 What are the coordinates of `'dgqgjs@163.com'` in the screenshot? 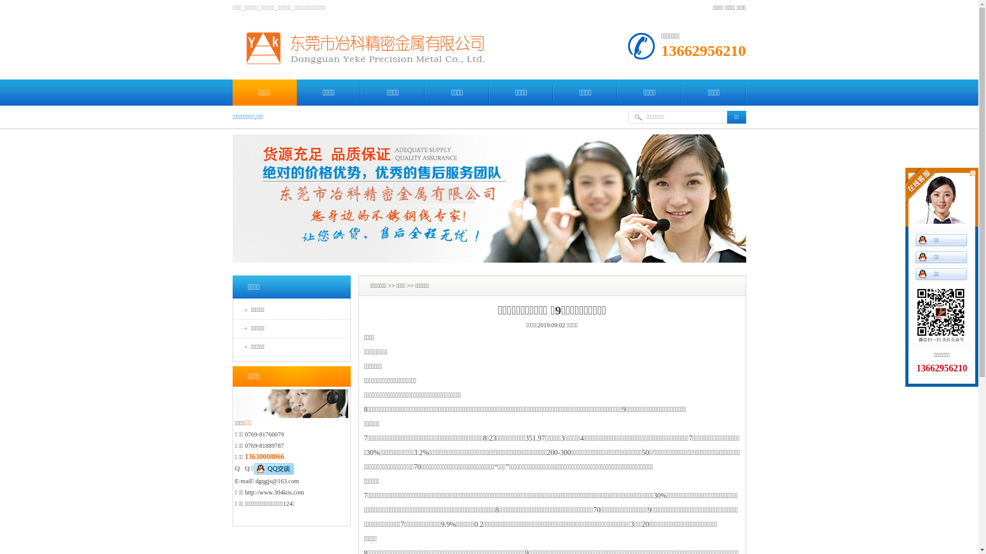 It's located at (277, 481).